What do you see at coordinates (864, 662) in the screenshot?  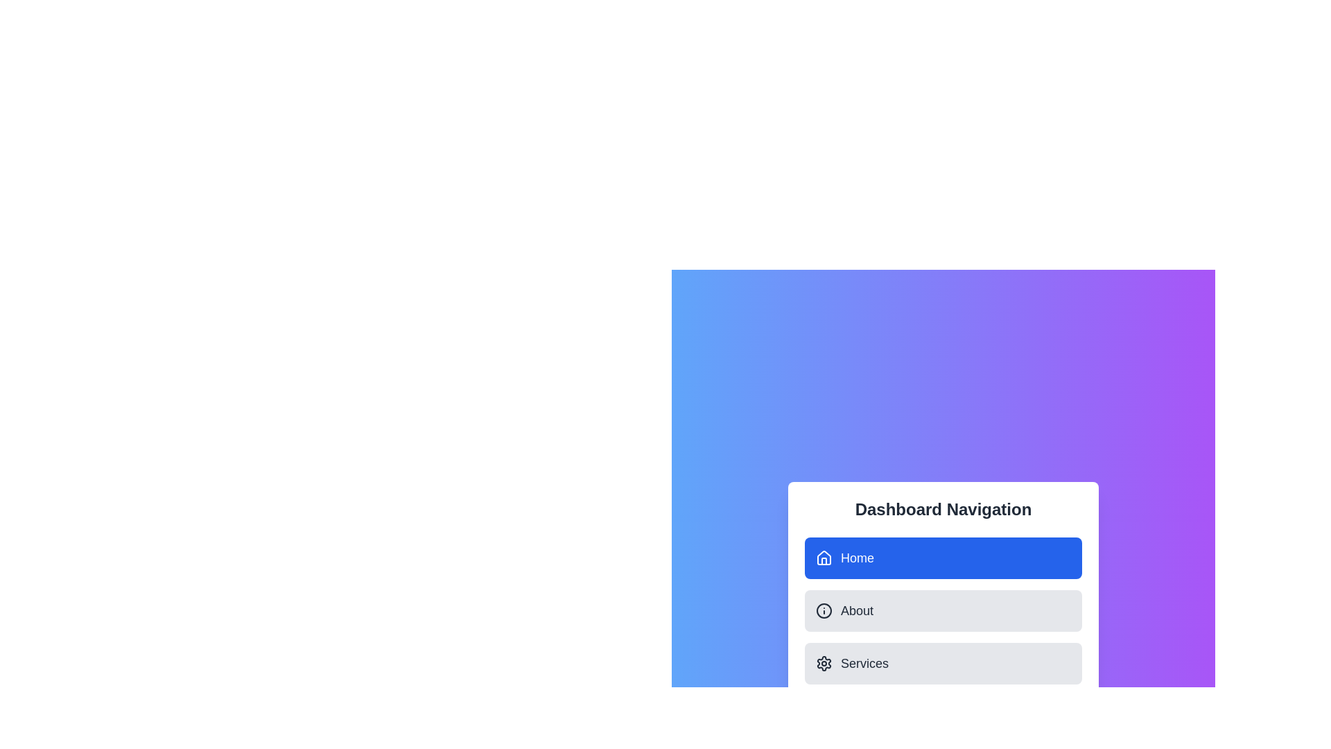 I see `the 'Services' text label in the navigation menu` at bounding box center [864, 662].